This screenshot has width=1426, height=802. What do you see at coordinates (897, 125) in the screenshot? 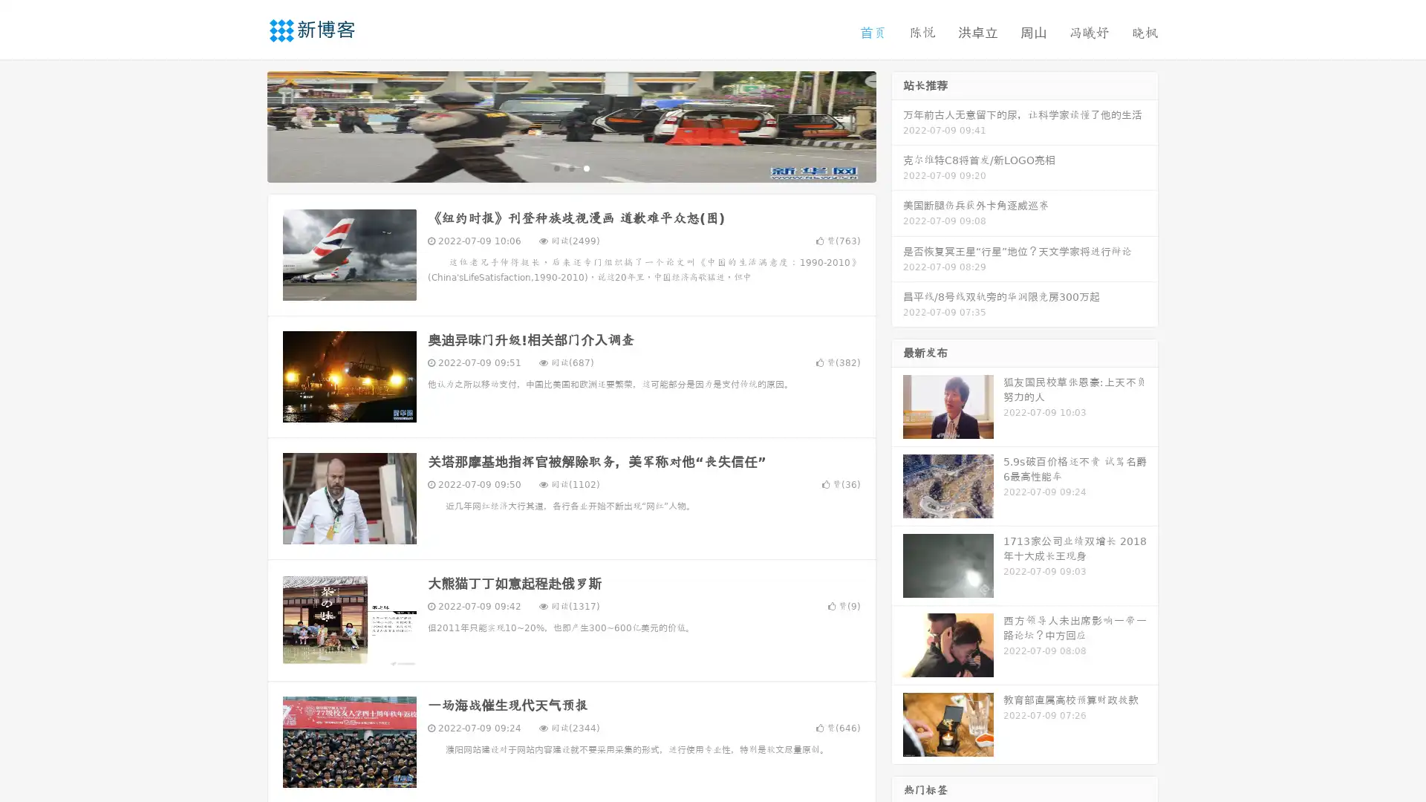
I see `Next slide` at bounding box center [897, 125].